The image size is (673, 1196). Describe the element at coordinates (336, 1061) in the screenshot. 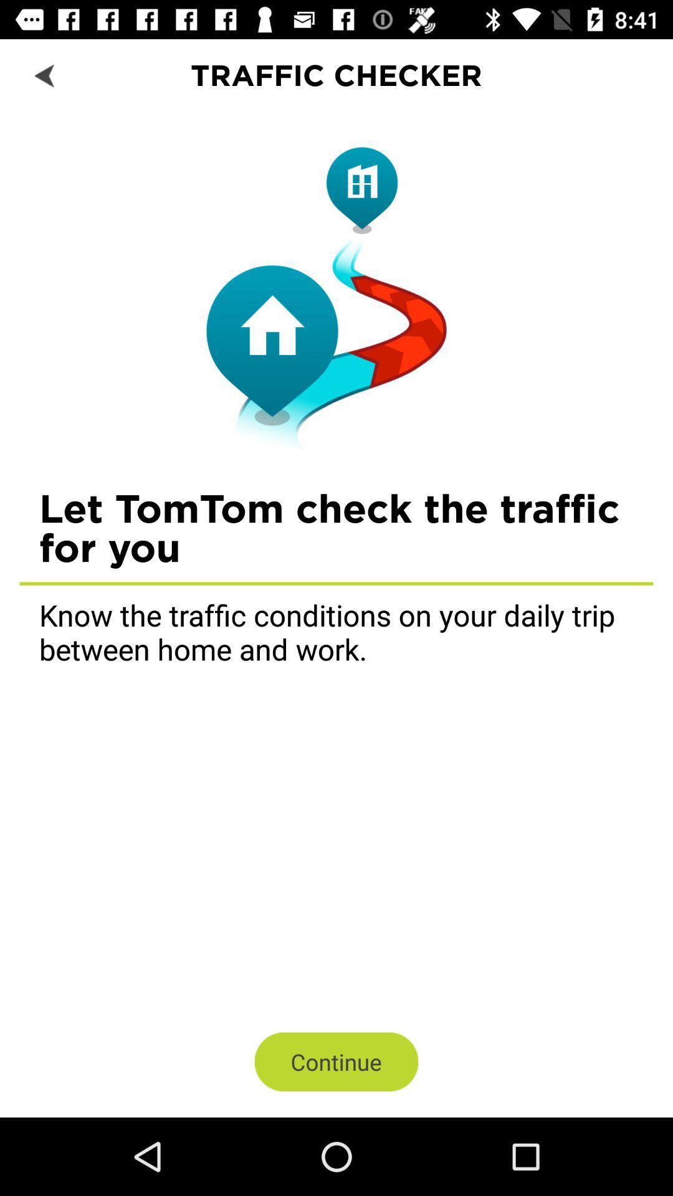

I see `the item below know the traffic icon` at that location.